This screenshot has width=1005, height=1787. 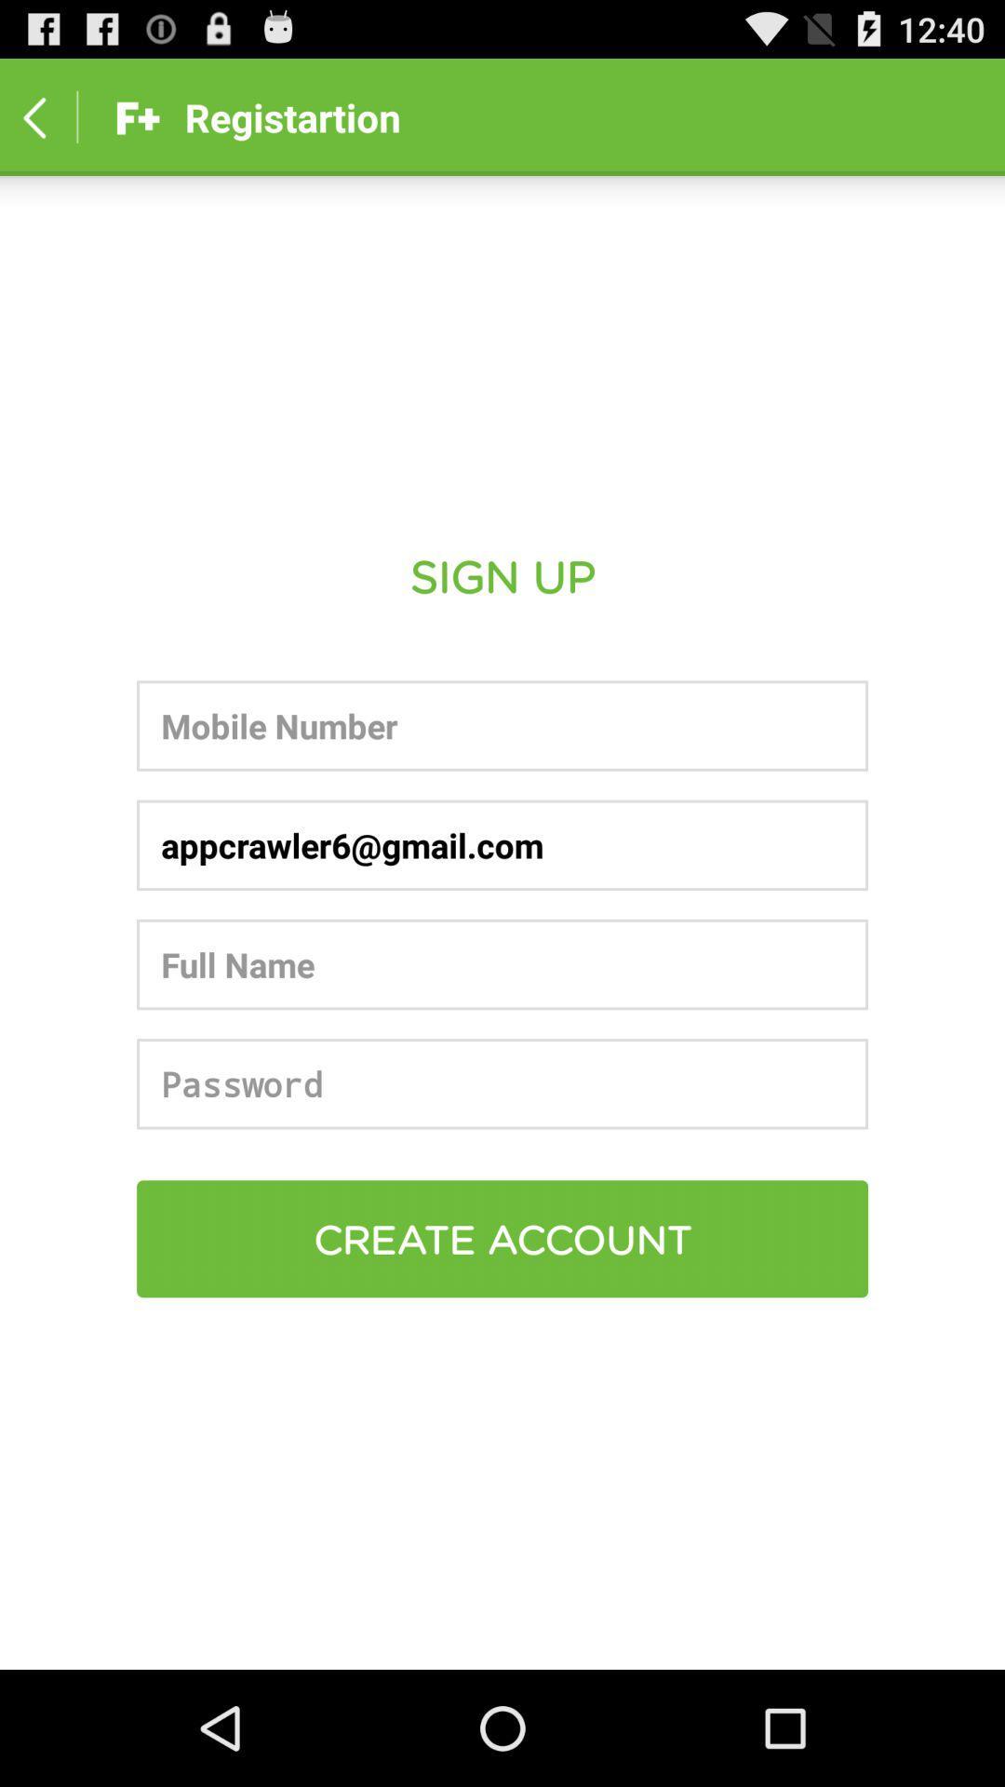 I want to click on full name, so click(x=502, y=964).